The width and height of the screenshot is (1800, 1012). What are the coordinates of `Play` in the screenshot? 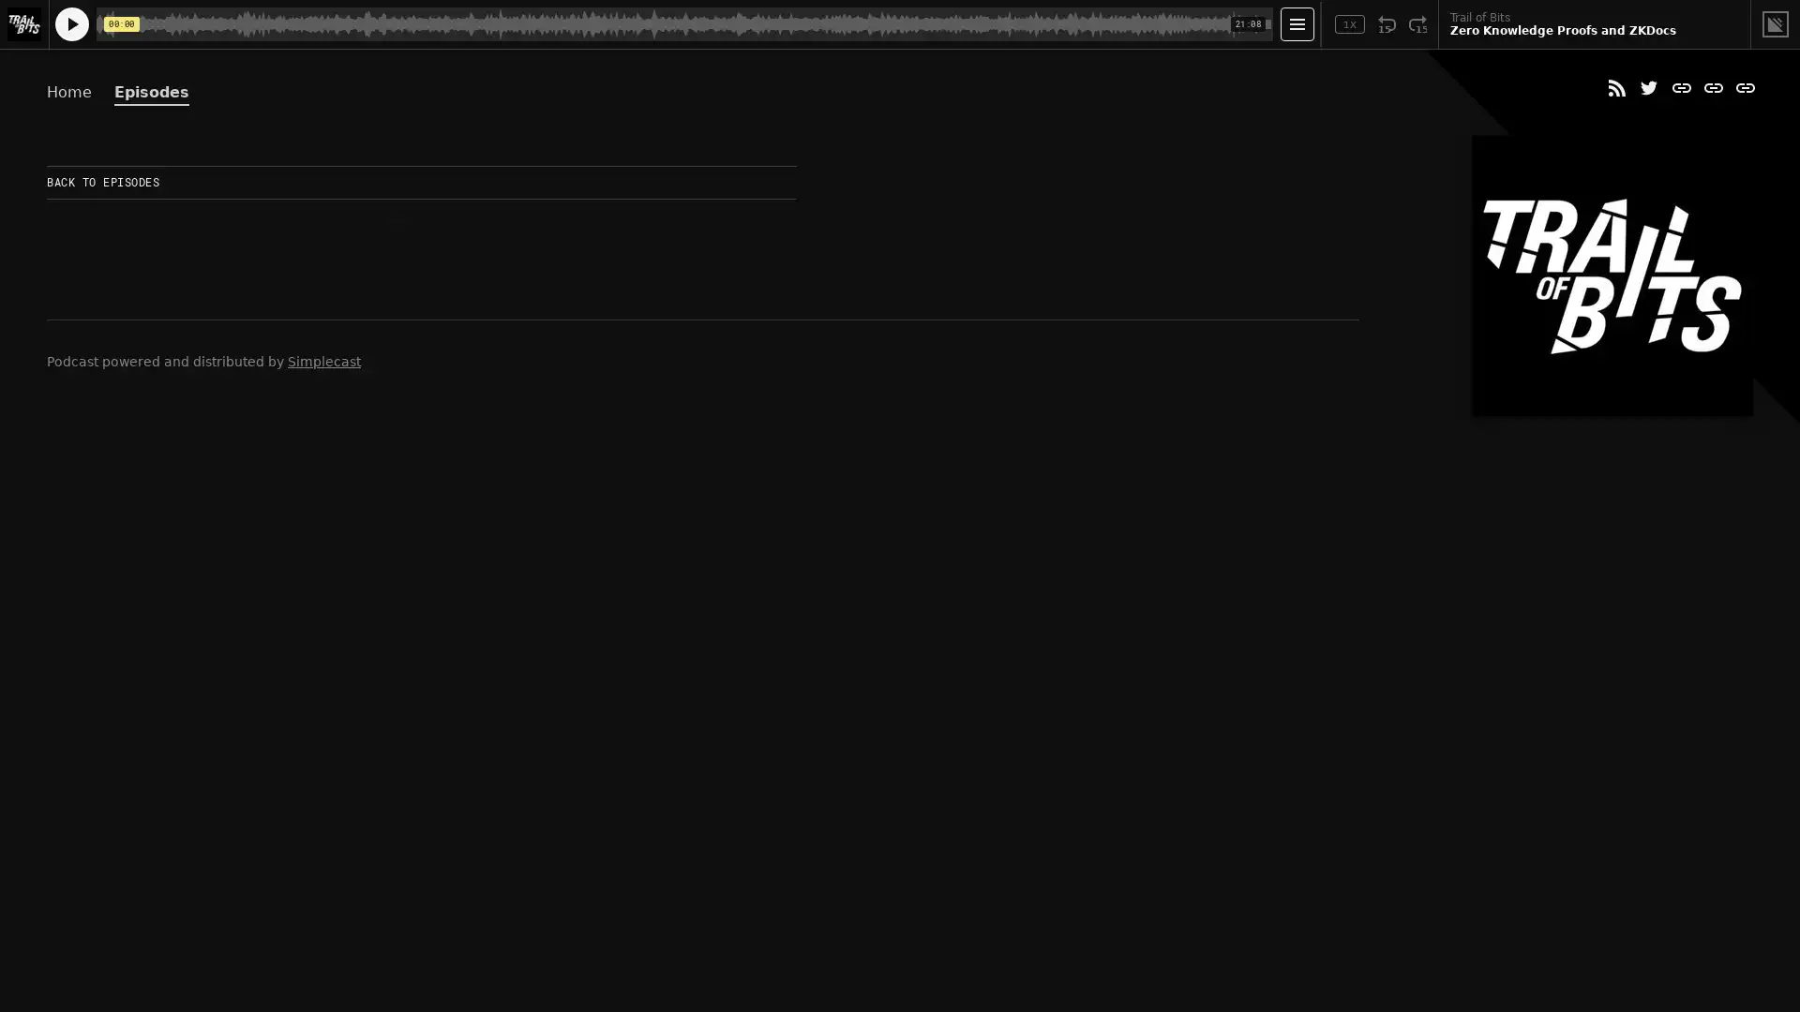 It's located at (71, 24).